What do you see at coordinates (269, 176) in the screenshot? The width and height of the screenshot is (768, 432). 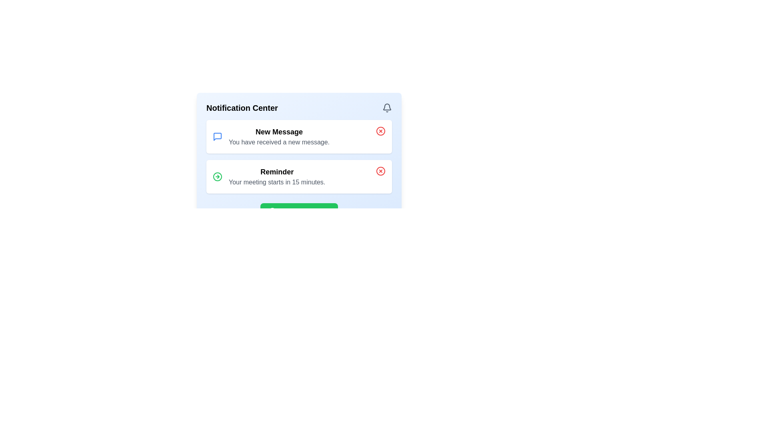 I see `the 'Reminder' notification card in the Notification Center to acknowledge the notification` at bounding box center [269, 176].